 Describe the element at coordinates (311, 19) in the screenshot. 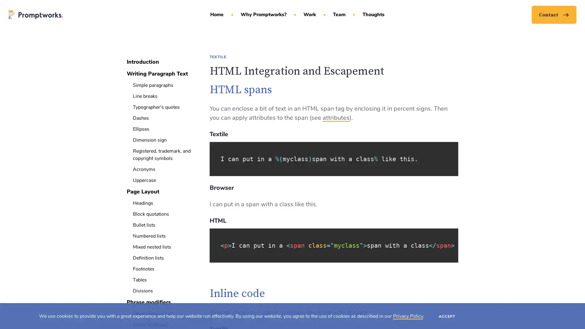

I see `Work` at that location.